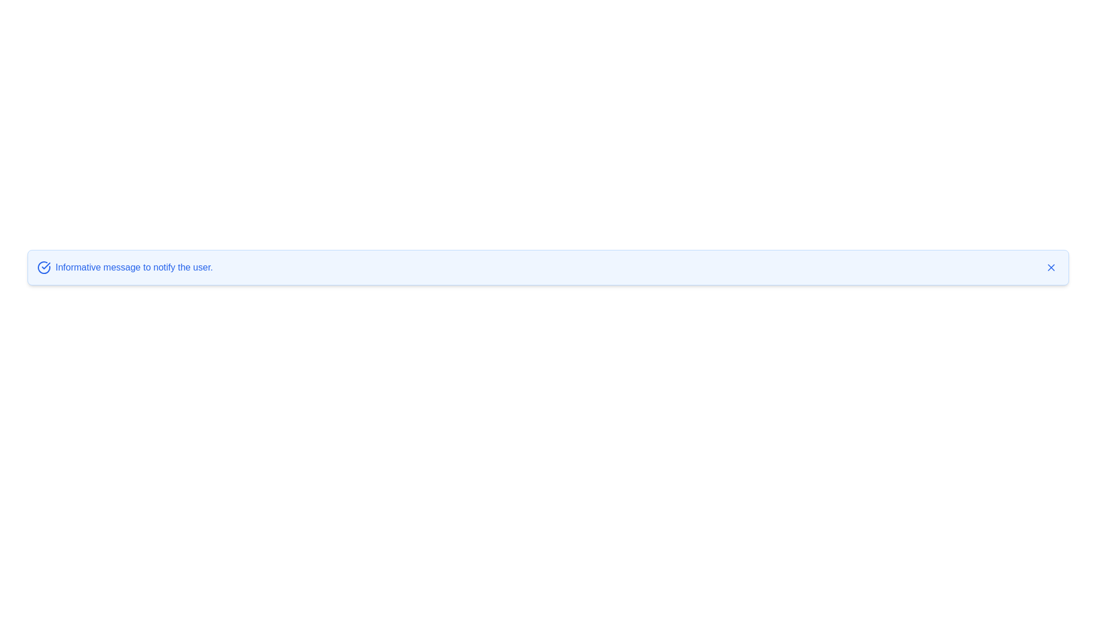 Image resolution: width=1100 pixels, height=619 pixels. Describe the element at coordinates (1051, 267) in the screenshot. I see `the small 'X' icon in the SVG graphic, designed for closing or dismissing elements, located near the right end of the information bar` at that location.